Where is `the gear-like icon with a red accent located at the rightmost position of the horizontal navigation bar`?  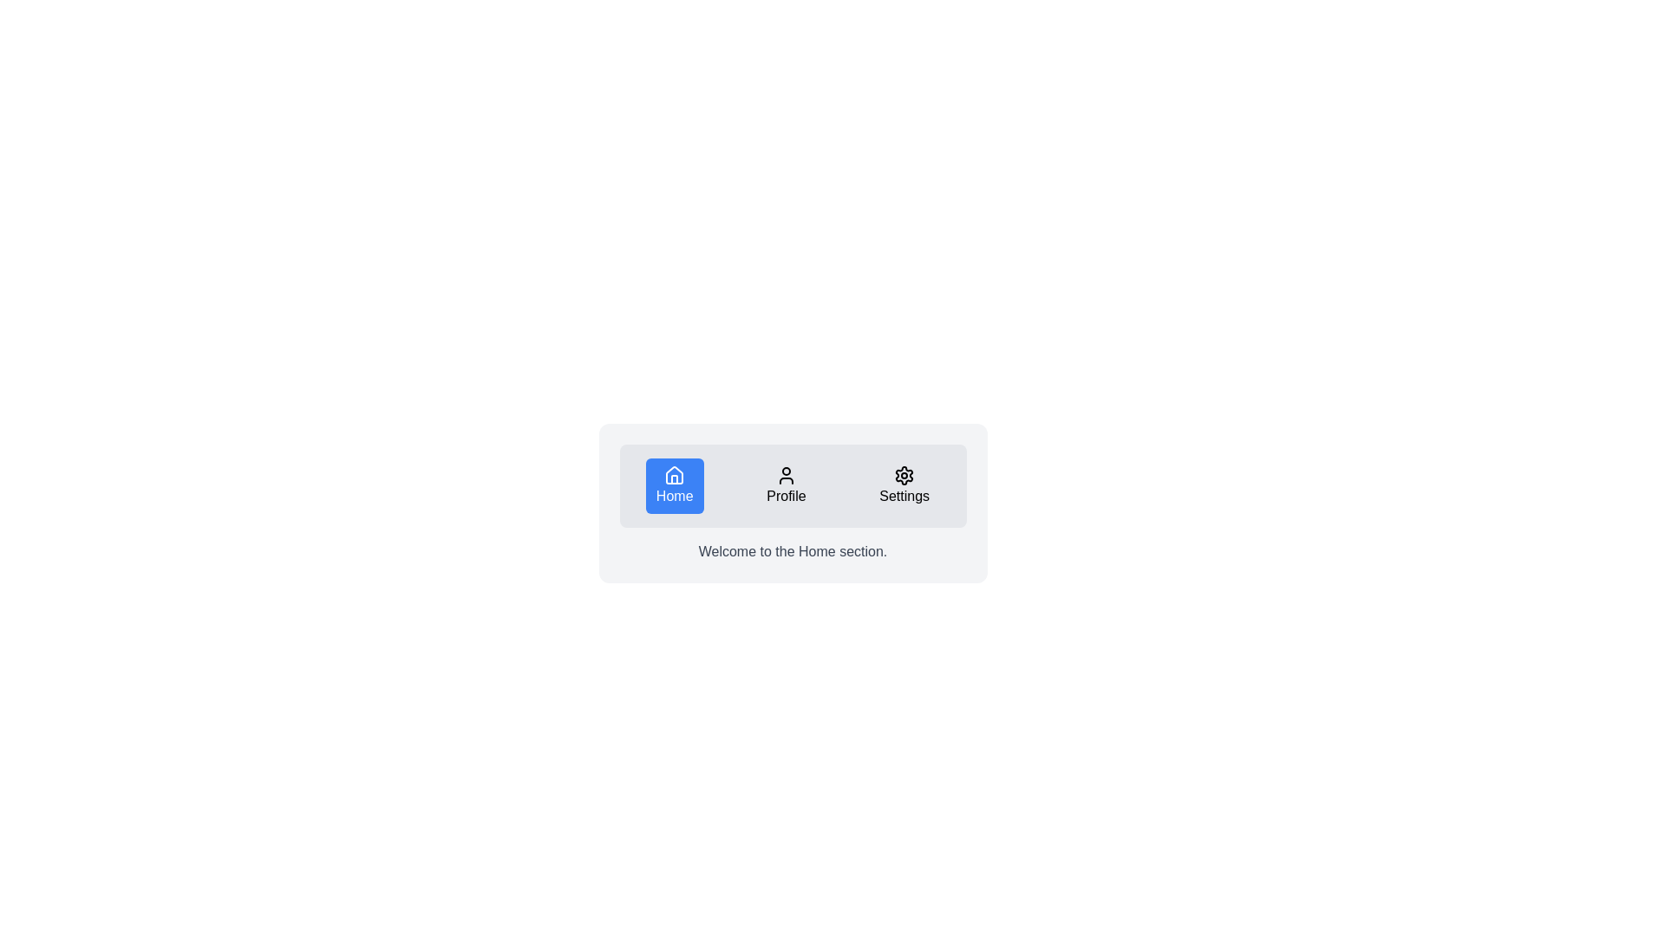 the gear-like icon with a red accent located at the rightmost position of the horizontal navigation bar is located at coordinates (904, 475).